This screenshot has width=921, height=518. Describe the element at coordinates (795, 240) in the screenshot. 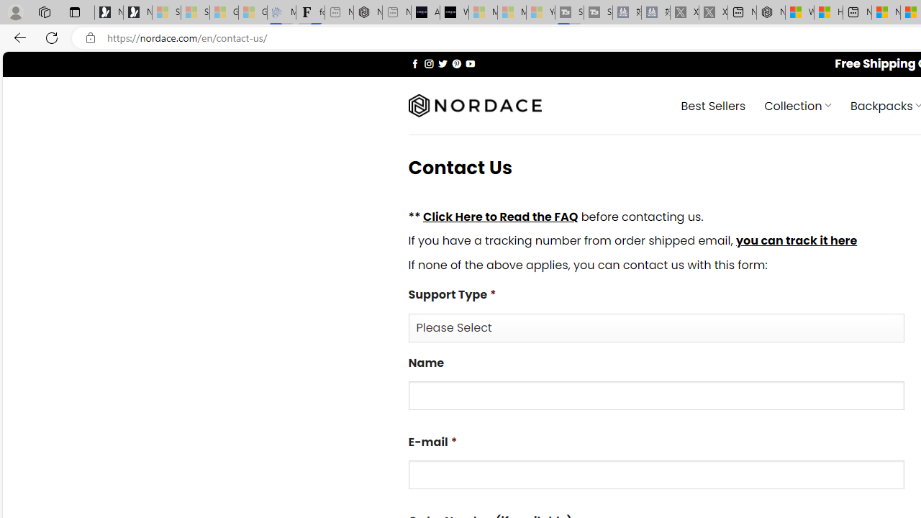

I see `'you can track it here'` at that location.